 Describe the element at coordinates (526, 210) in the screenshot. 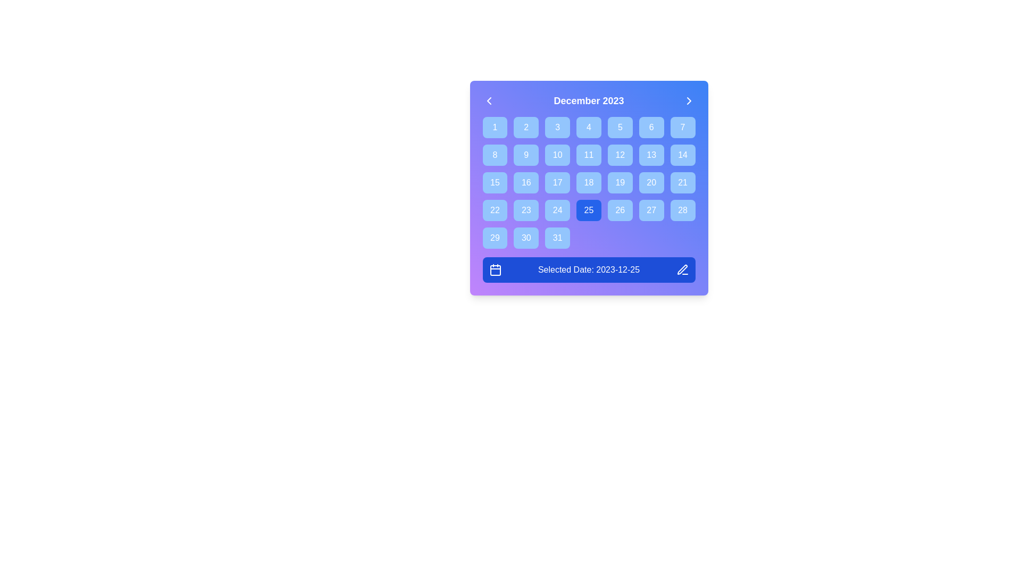

I see `the clickable calendar day cell in the fourth row and second column` at that location.